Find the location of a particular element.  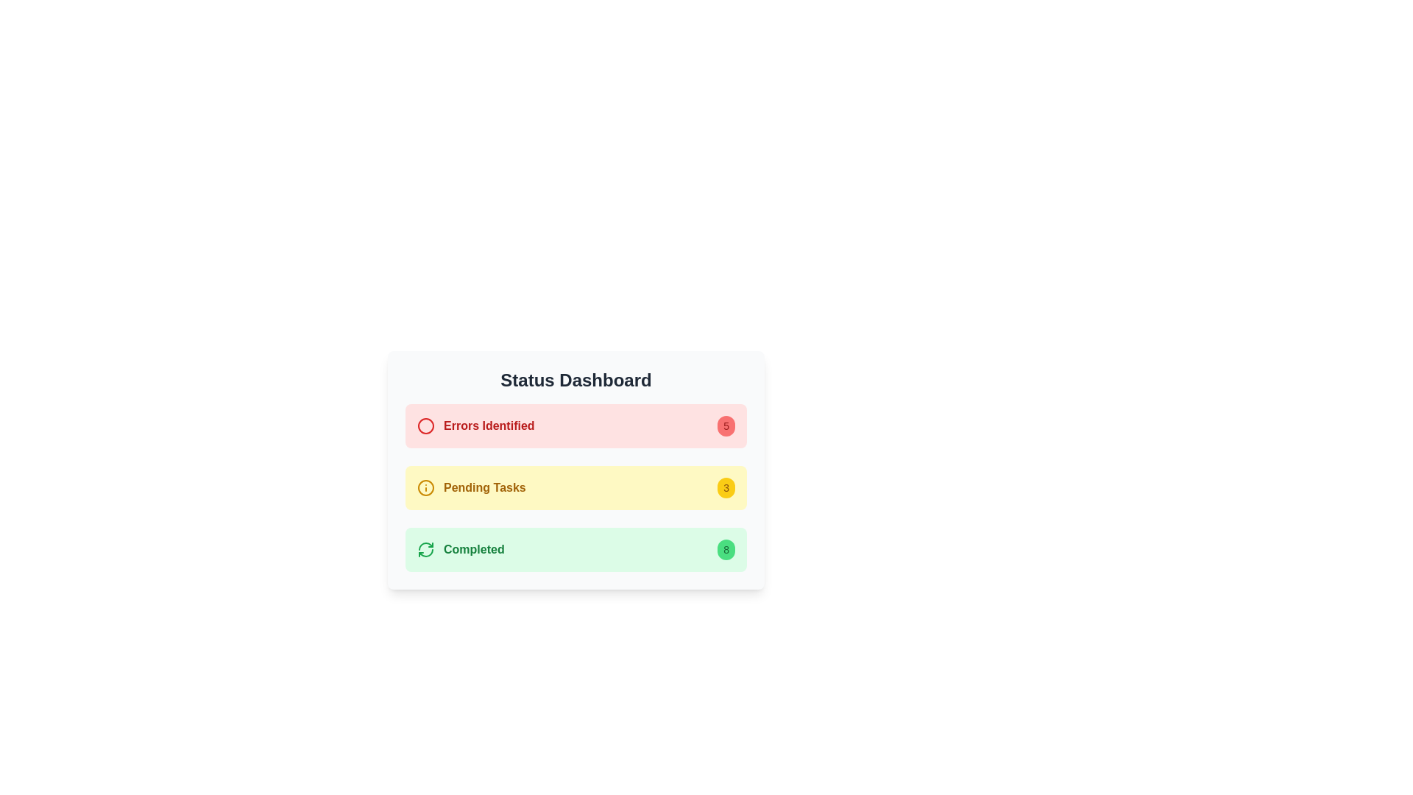

the refresh icon located to the far left of the 'Completed' section in the status dashboard, which is highlighted in light green is located at coordinates (425, 550).